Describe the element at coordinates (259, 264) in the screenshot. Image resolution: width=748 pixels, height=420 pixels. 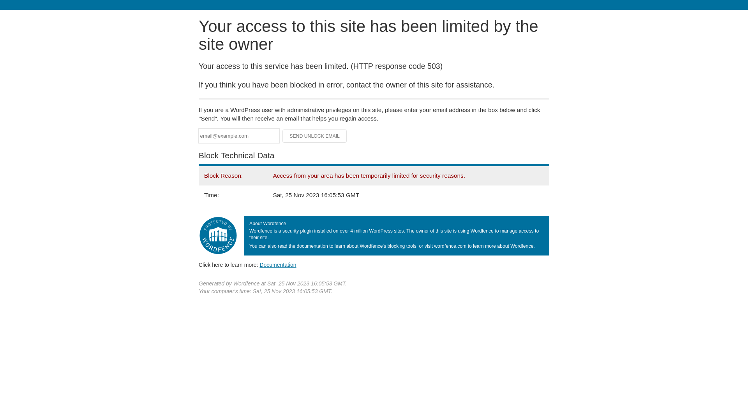
I see `'Documentation'` at that location.